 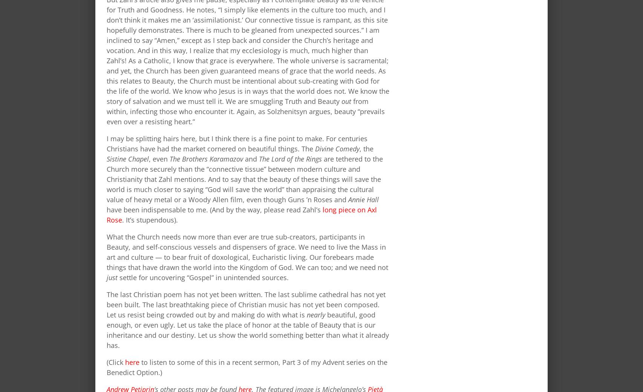 I want to click on '(Click', so click(x=116, y=362).